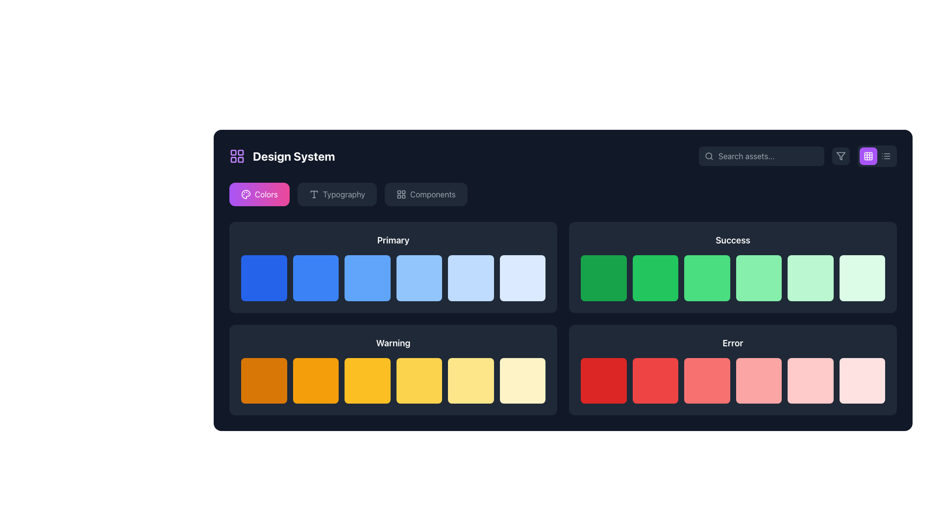 This screenshot has height=529, width=941. I want to click on the grid layout selector button, which is represented by a nine-square grid icon enclosed in a purple circular button located in the top-right corner of the interface, so click(868, 156).